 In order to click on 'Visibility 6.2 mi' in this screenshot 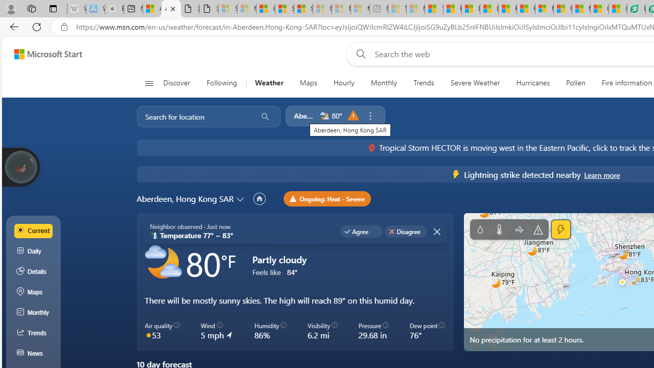, I will do `click(322, 331)`.